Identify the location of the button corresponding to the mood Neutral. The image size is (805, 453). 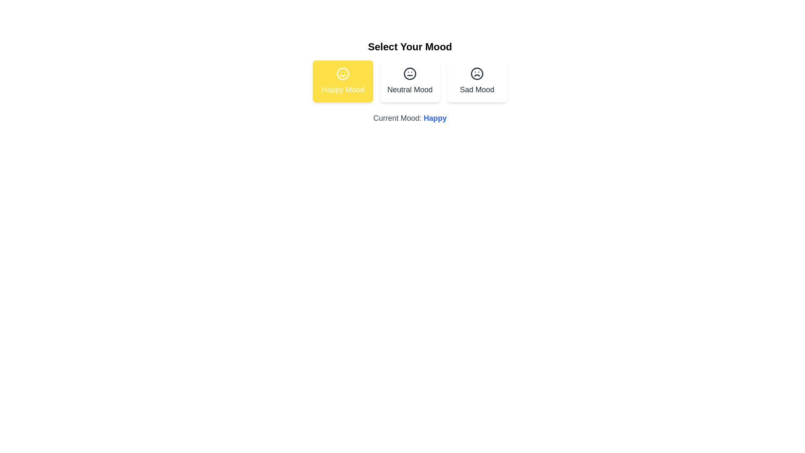
(410, 81).